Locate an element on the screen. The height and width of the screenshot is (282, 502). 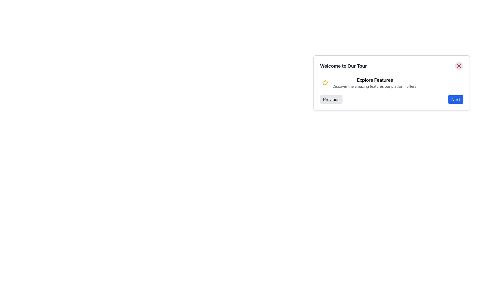
the informational Text Label located below the bolded 'Explore Features' text, which provides additional information about the features is located at coordinates (375, 86).